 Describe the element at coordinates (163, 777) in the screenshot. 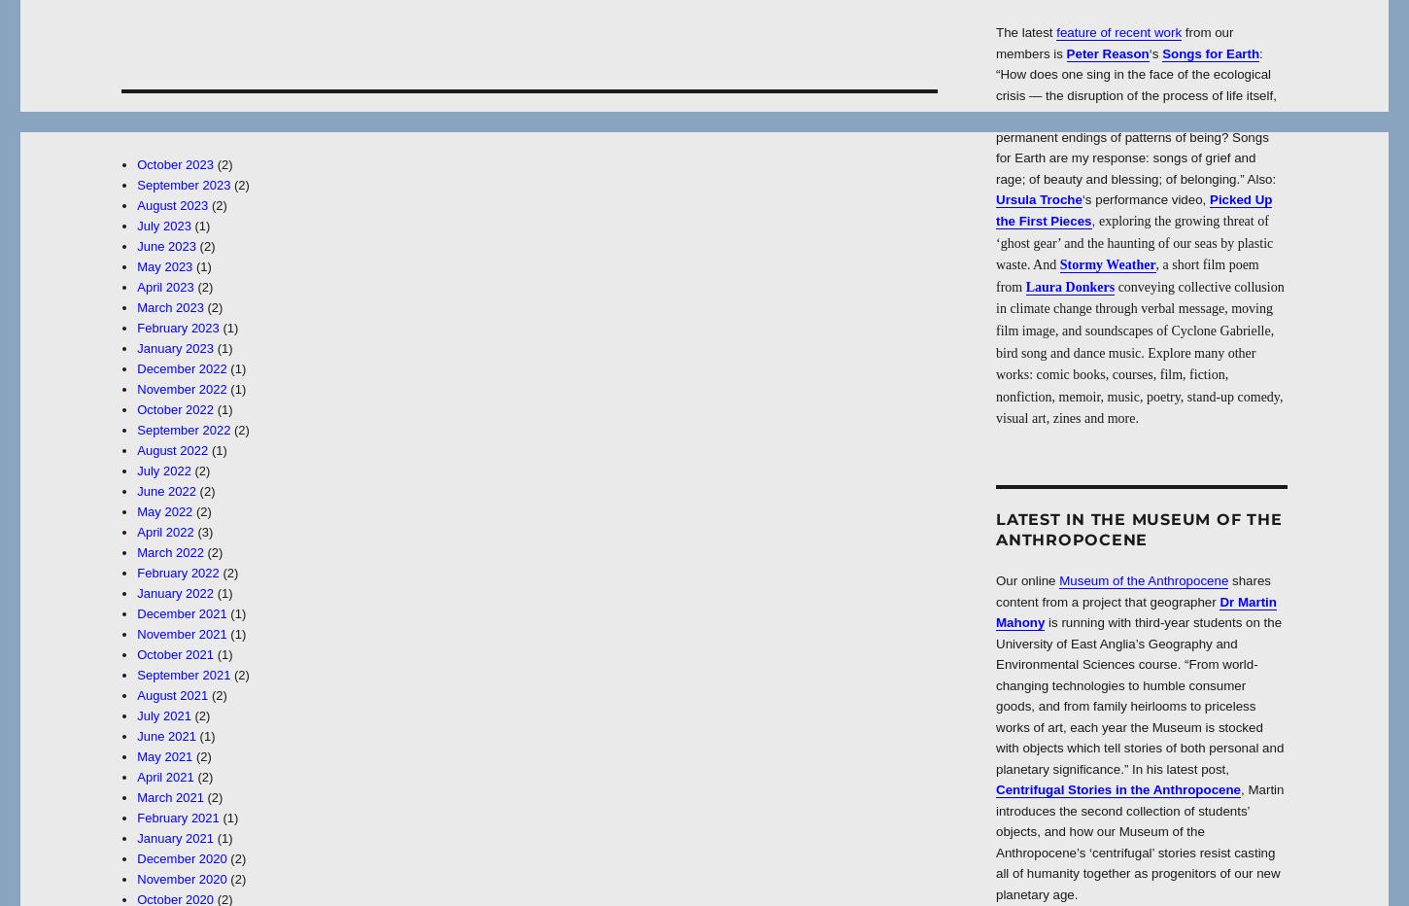

I see `'April 2021'` at that location.